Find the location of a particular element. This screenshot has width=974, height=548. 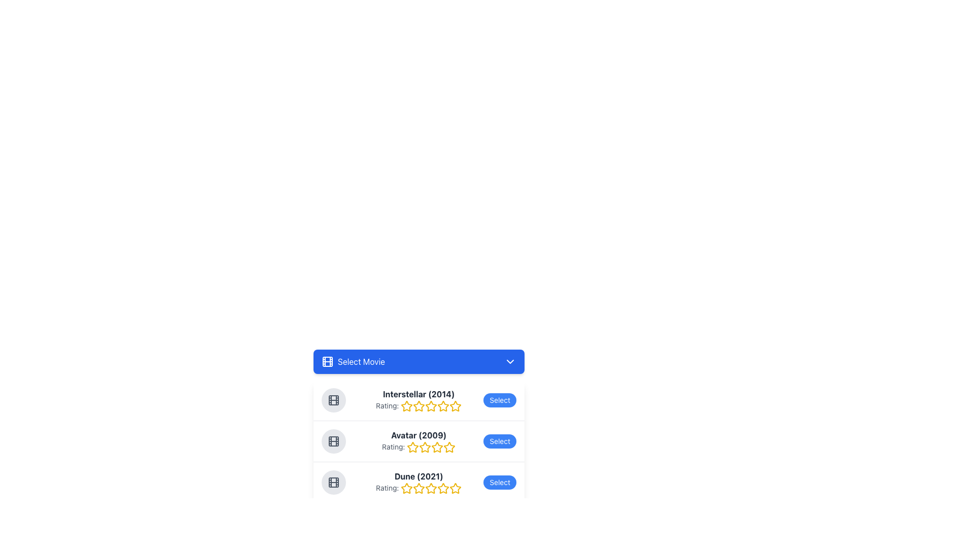

the decorative icon representing the movie 'Dune (2021)', which is located inside a gray circular background to the left of the title is located at coordinates (333, 482).